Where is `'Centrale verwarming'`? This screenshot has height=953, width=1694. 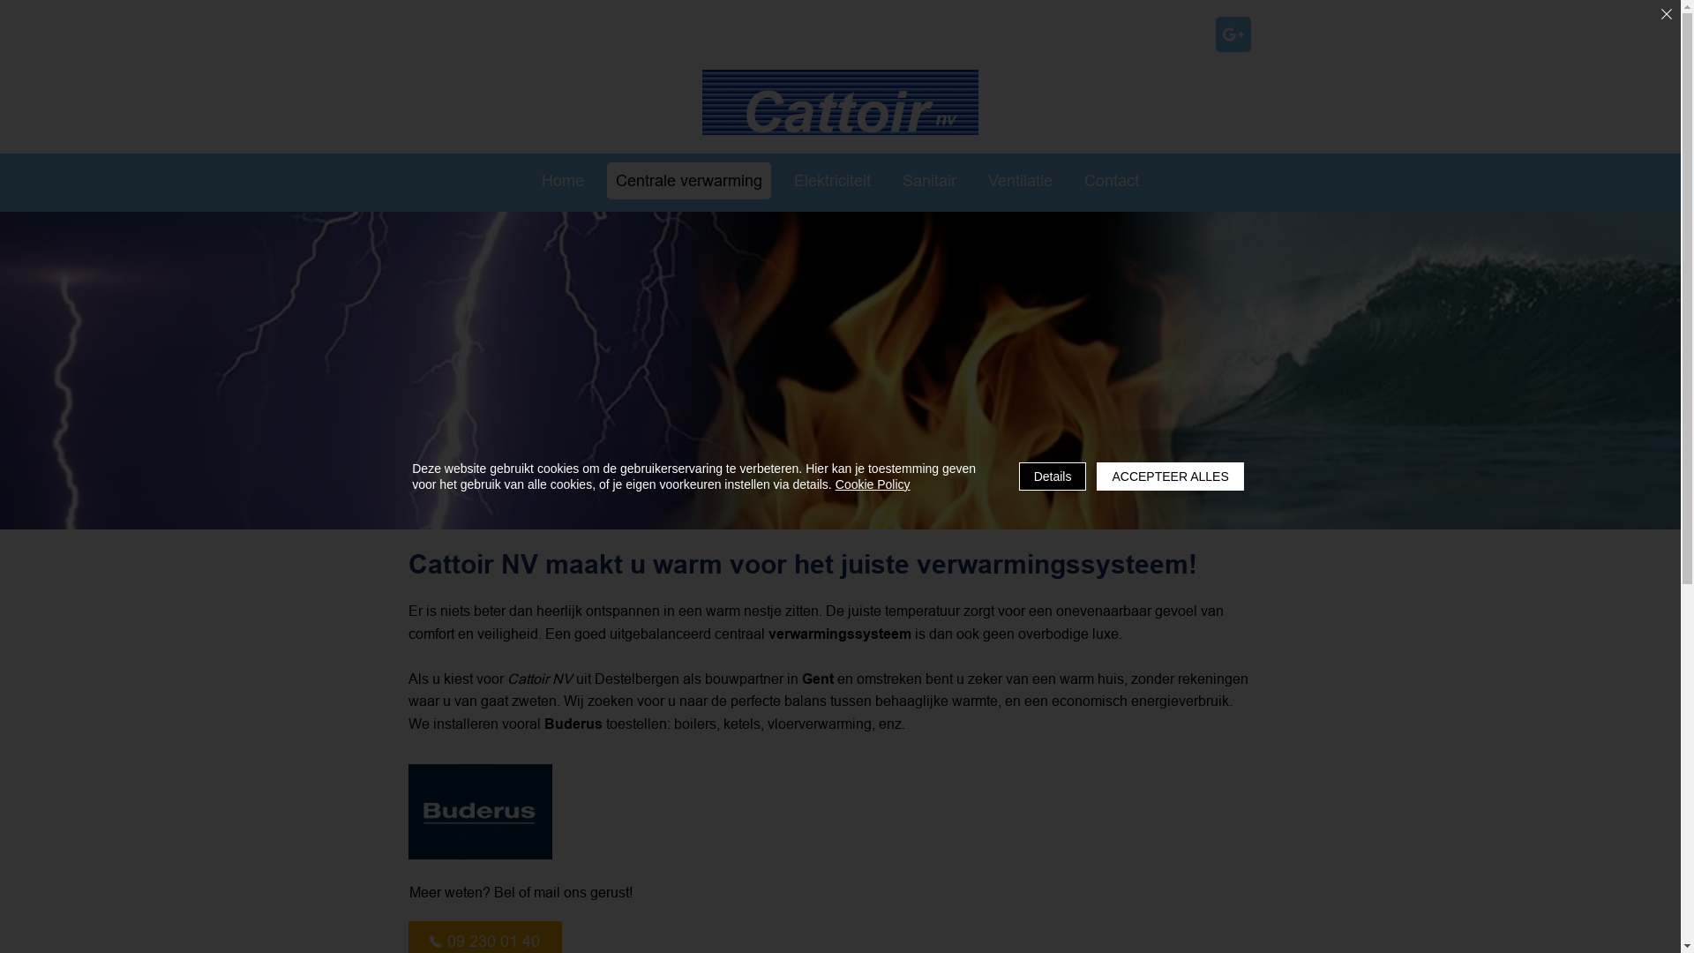
'Centrale verwarming' is located at coordinates (688, 180).